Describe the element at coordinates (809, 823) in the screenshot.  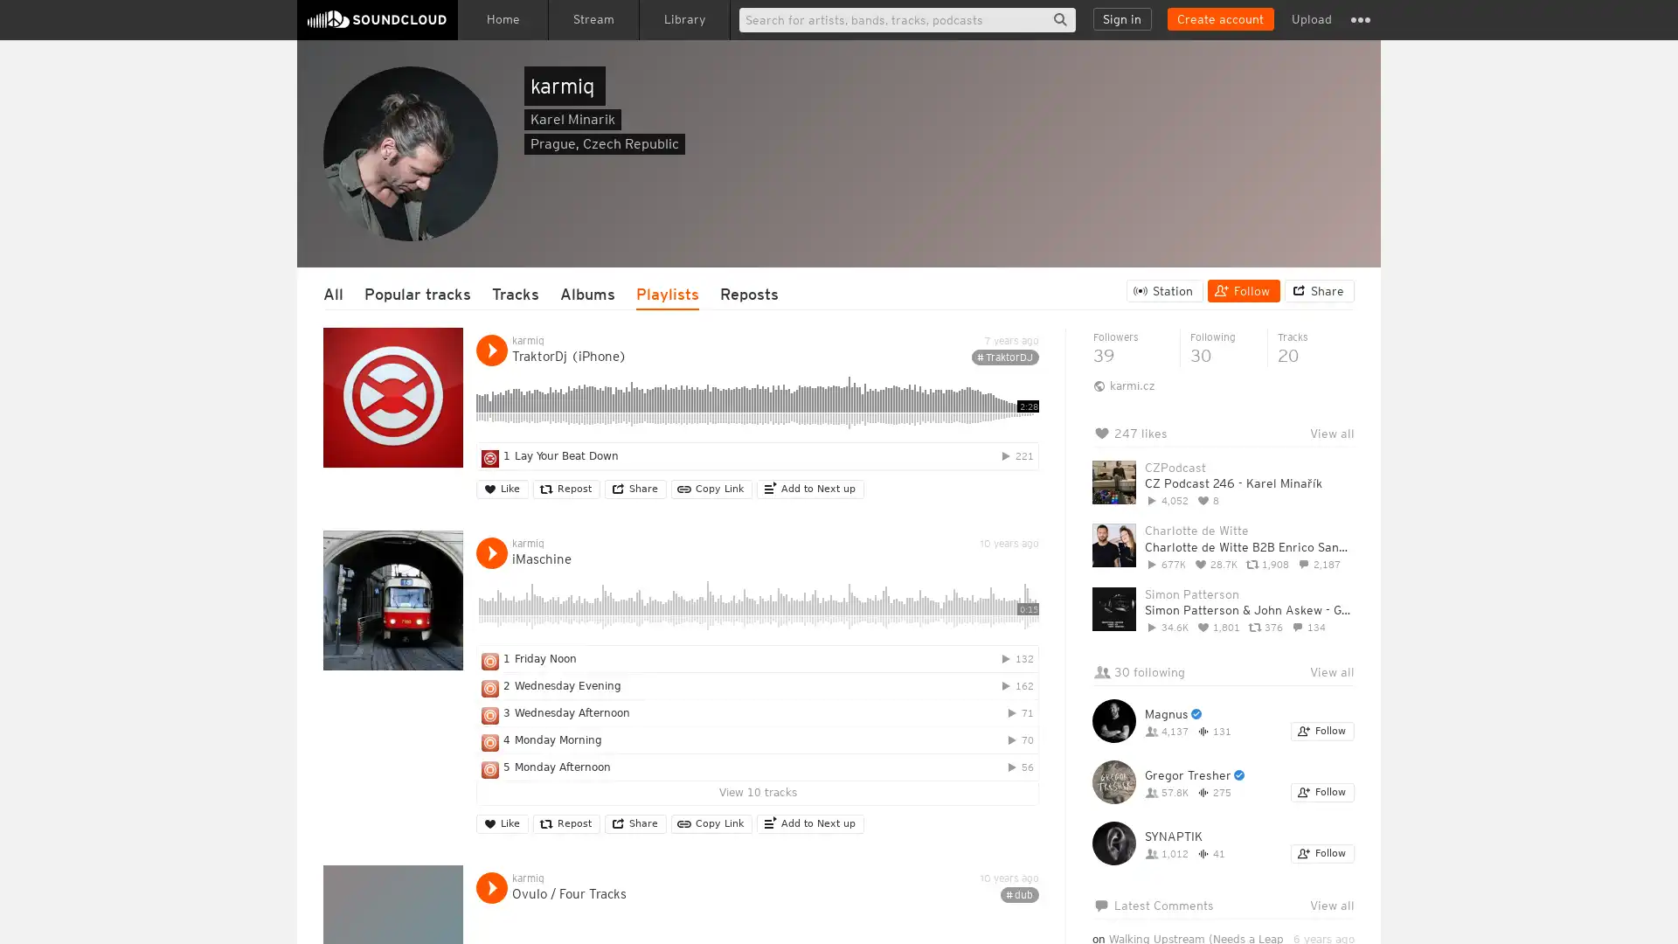
I see `Add to Next up` at that location.